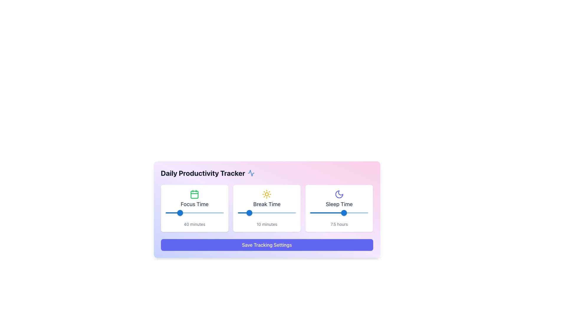 Image resolution: width=566 pixels, height=318 pixels. I want to click on break time, so click(273, 213).